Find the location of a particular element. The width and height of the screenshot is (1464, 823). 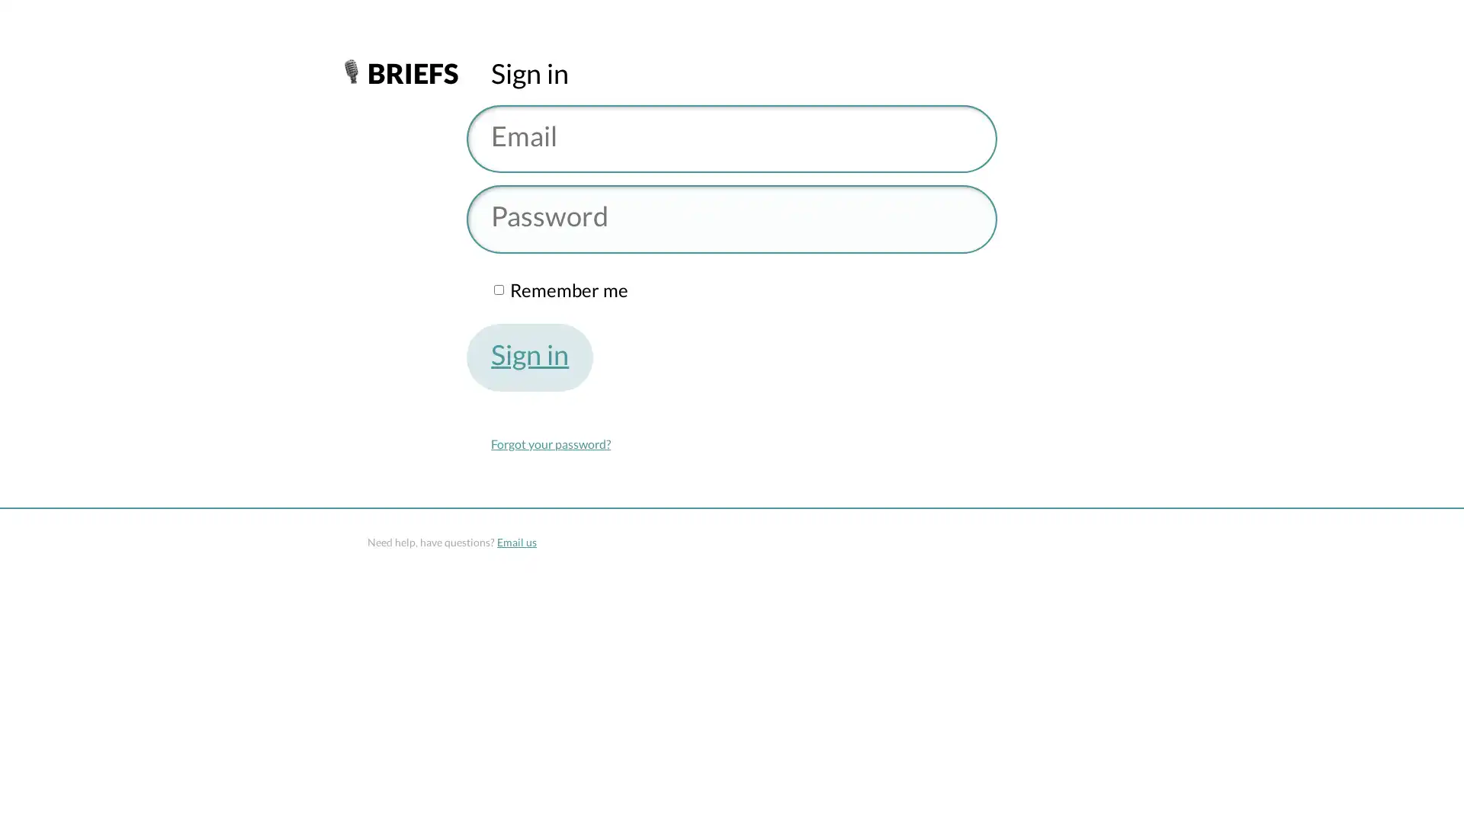

Sign in is located at coordinates (530, 357).